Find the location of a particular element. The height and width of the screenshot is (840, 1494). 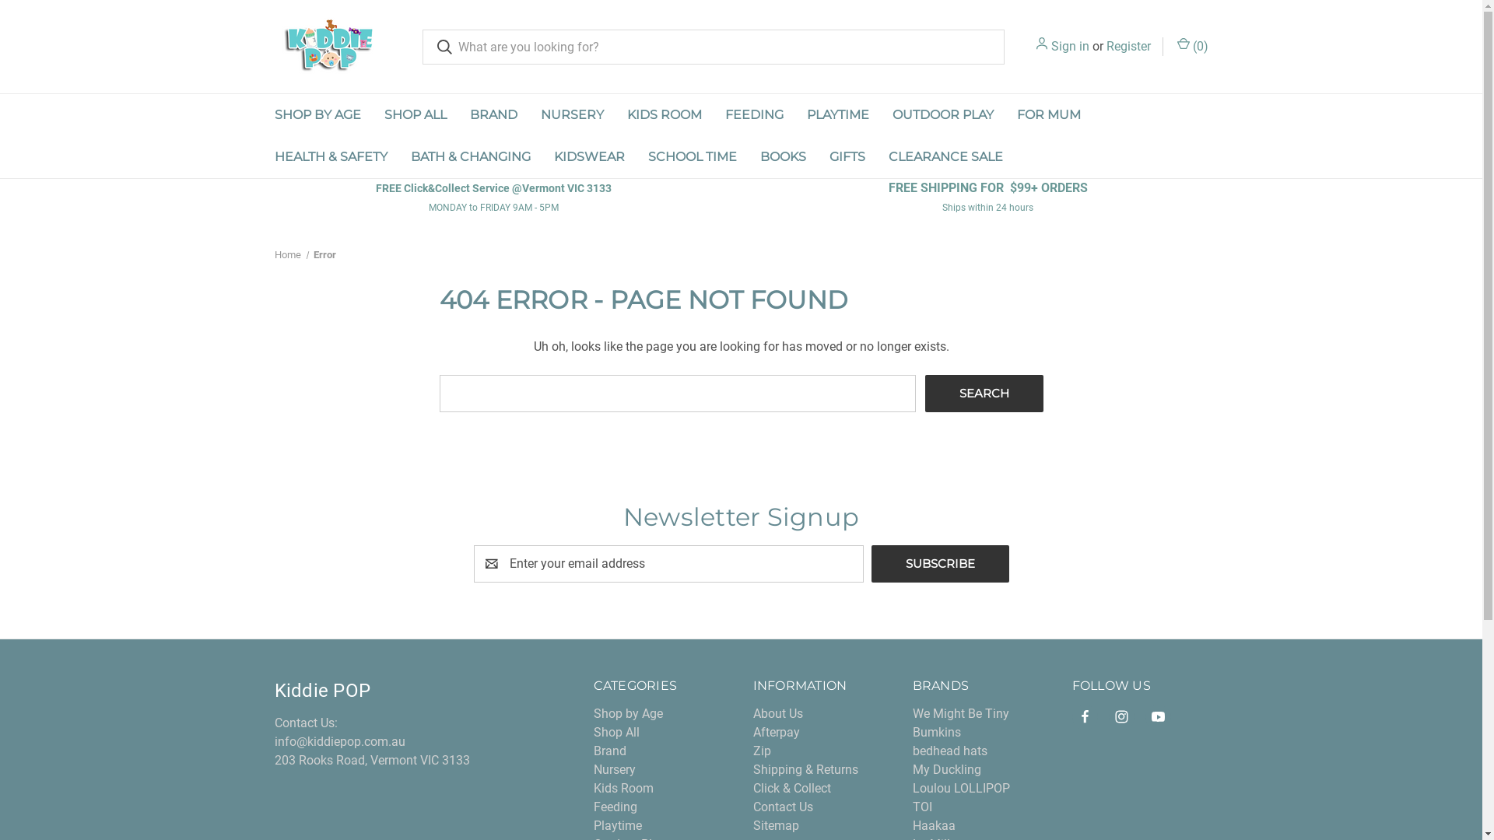

'Subscribe' is located at coordinates (939, 563).